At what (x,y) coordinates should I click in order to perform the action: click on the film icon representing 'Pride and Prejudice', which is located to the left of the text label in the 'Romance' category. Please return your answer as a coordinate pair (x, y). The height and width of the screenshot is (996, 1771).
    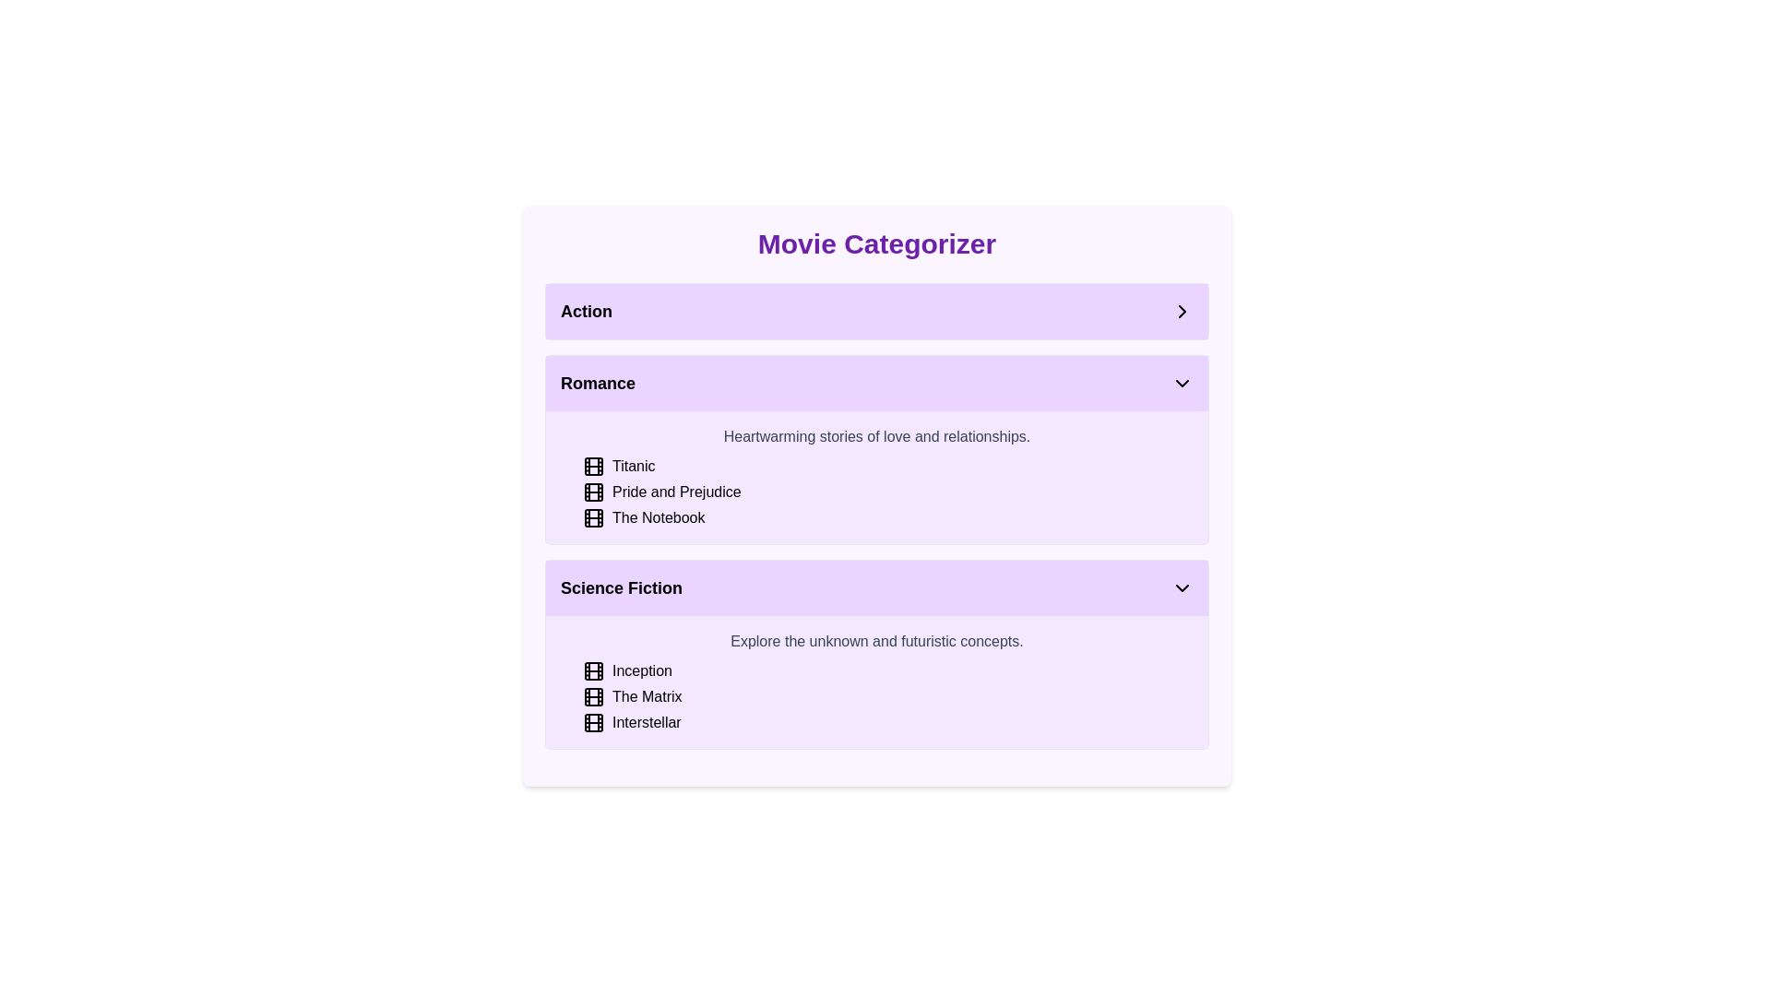
    Looking at the image, I should click on (593, 491).